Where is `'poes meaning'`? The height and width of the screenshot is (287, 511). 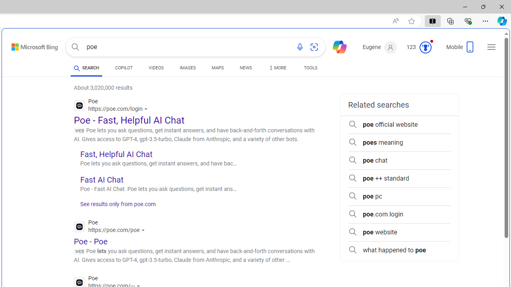 'poes meaning' is located at coordinates (399, 142).